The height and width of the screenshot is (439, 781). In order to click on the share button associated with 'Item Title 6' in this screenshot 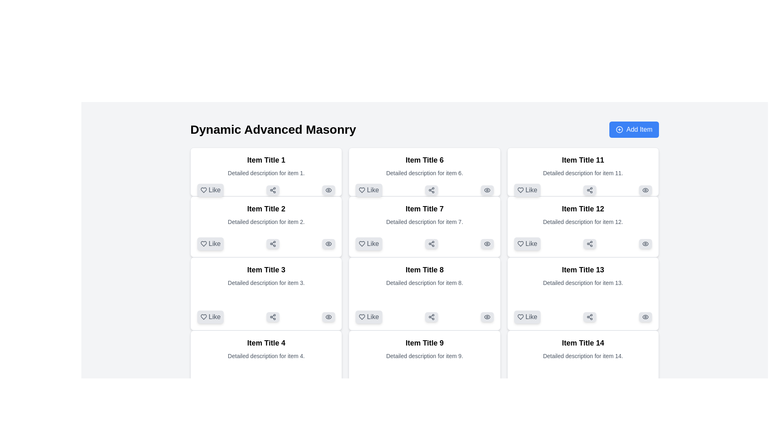, I will do `click(431, 190)`.